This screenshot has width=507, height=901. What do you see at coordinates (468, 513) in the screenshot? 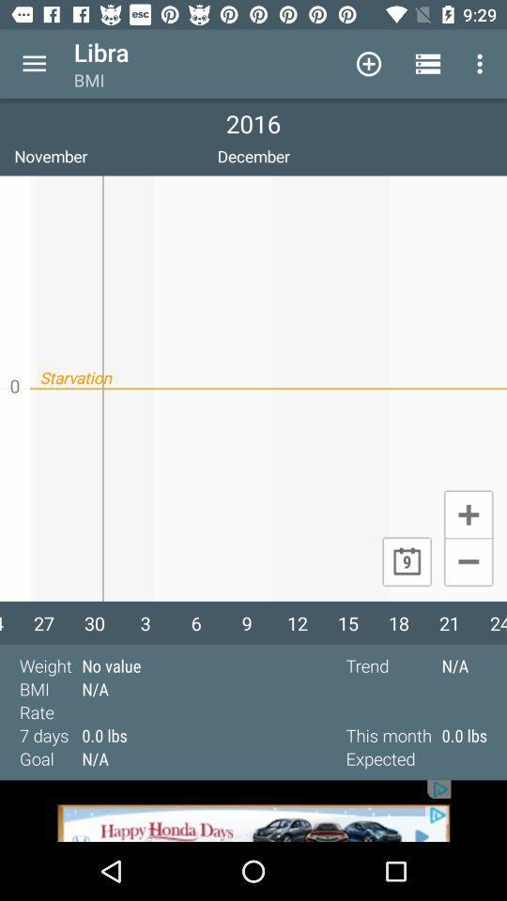
I see `plus mark` at bounding box center [468, 513].